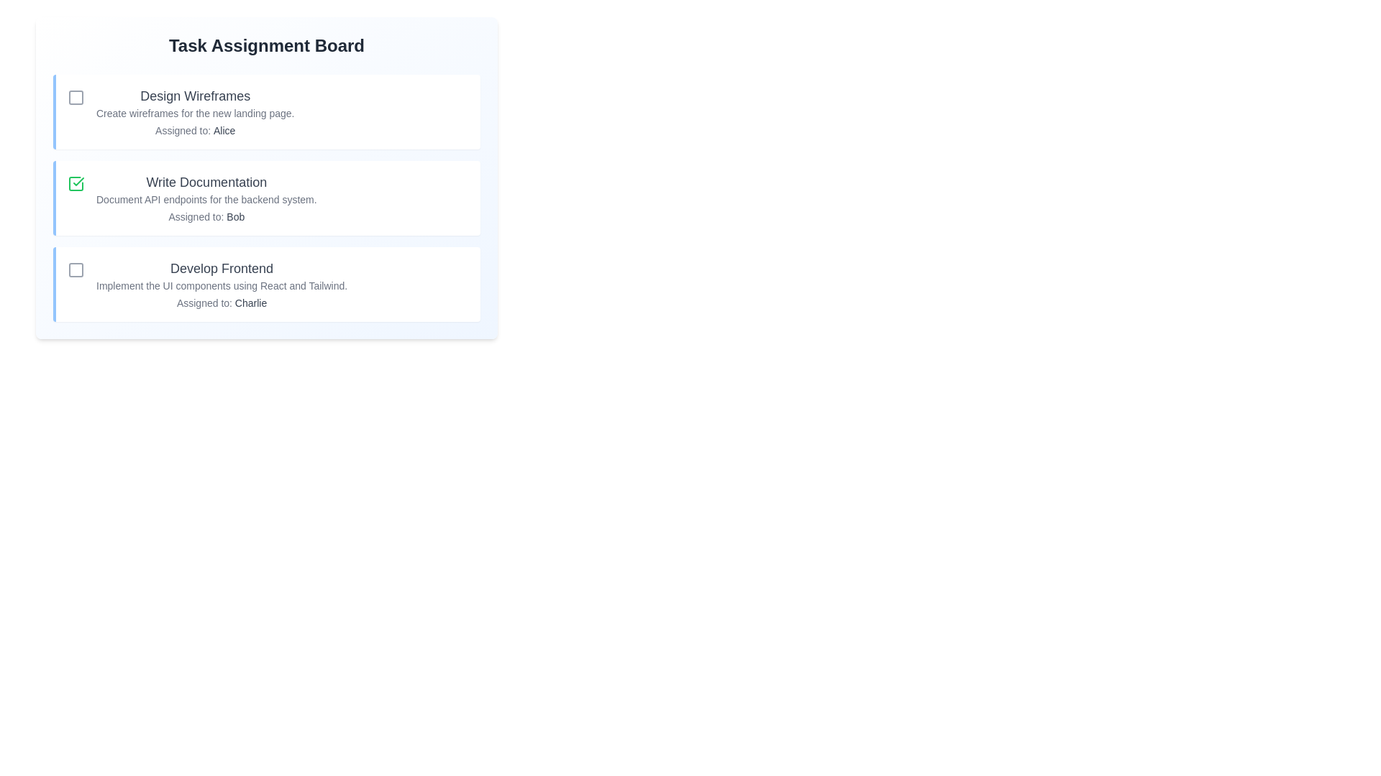  I want to click on description text block titled 'Design Wireframes' that contains details about creating wireframes for the new landing page, which is assigned to Alice, so click(194, 111).